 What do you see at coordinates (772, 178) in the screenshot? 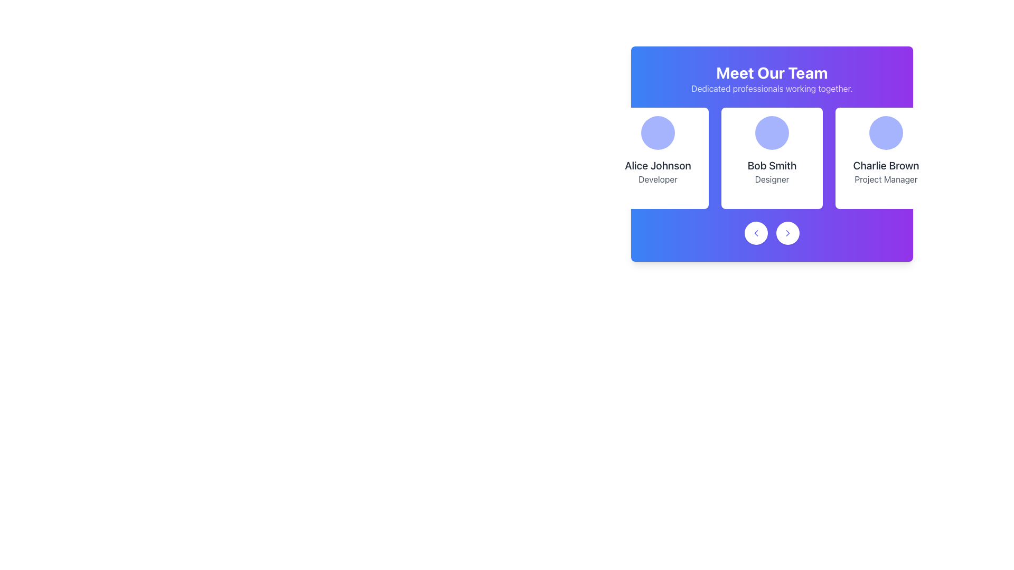
I see `the static text element that displays 'Designer', which is located below the name 'Bob Smith' in the middle card of a three-card layout` at bounding box center [772, 178].